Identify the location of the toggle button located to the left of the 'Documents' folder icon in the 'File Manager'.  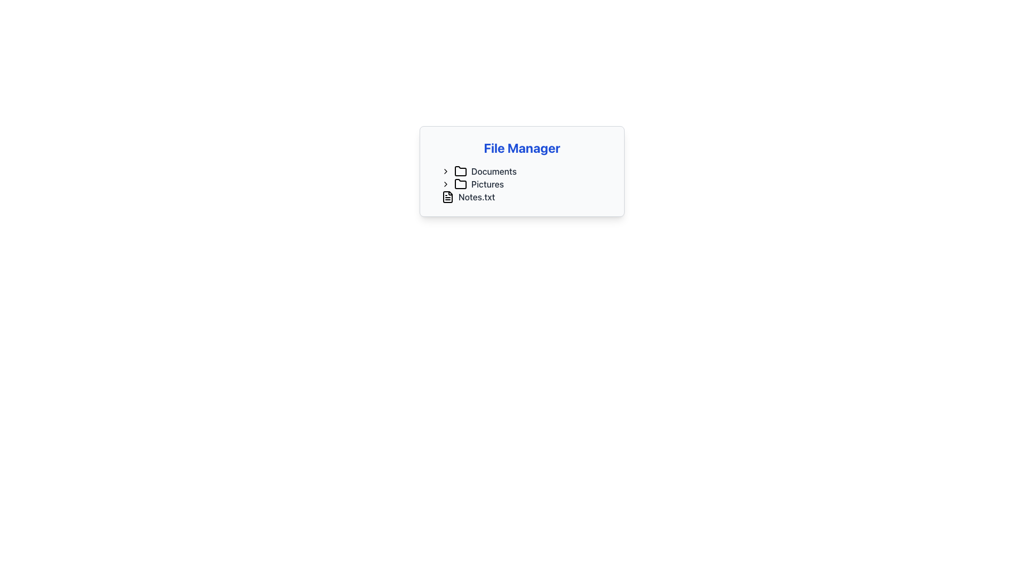
(446, 170).